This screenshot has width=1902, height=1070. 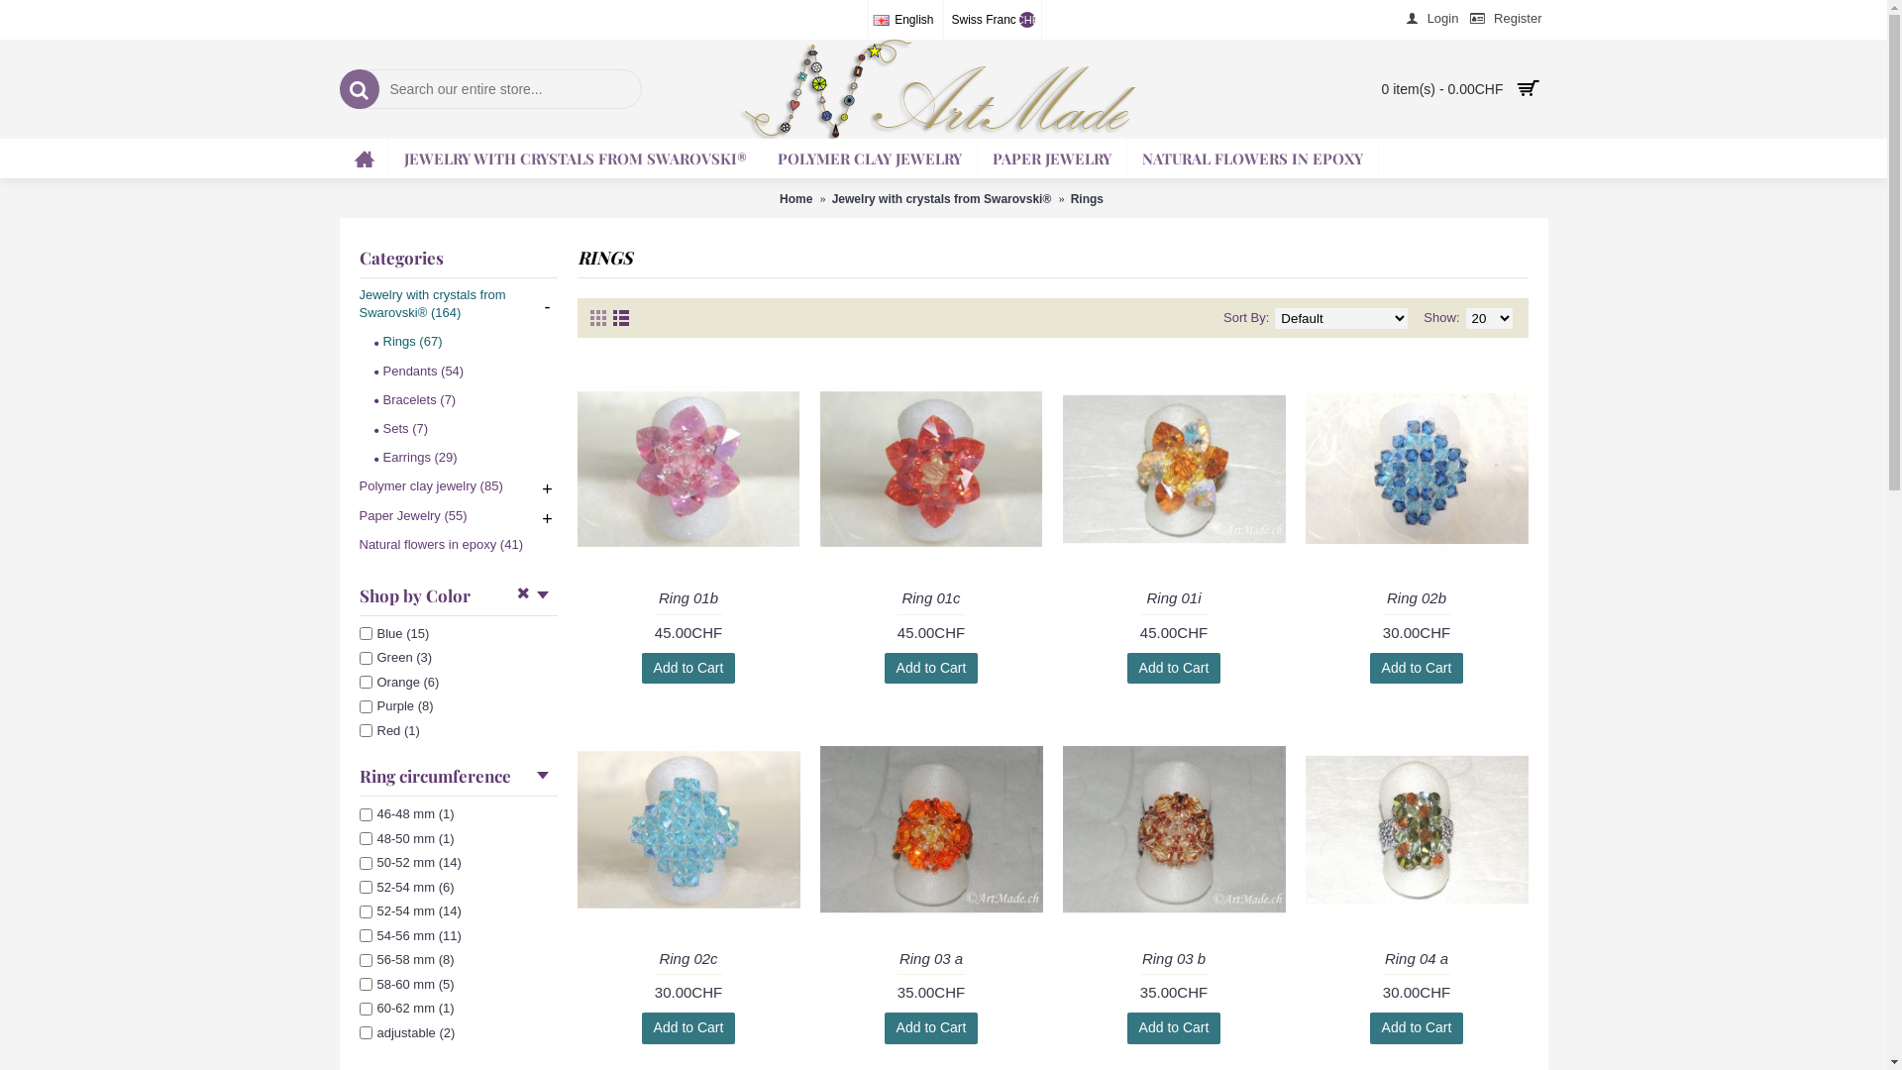 I want to click on 'Login', so click(x=1431, y=19).